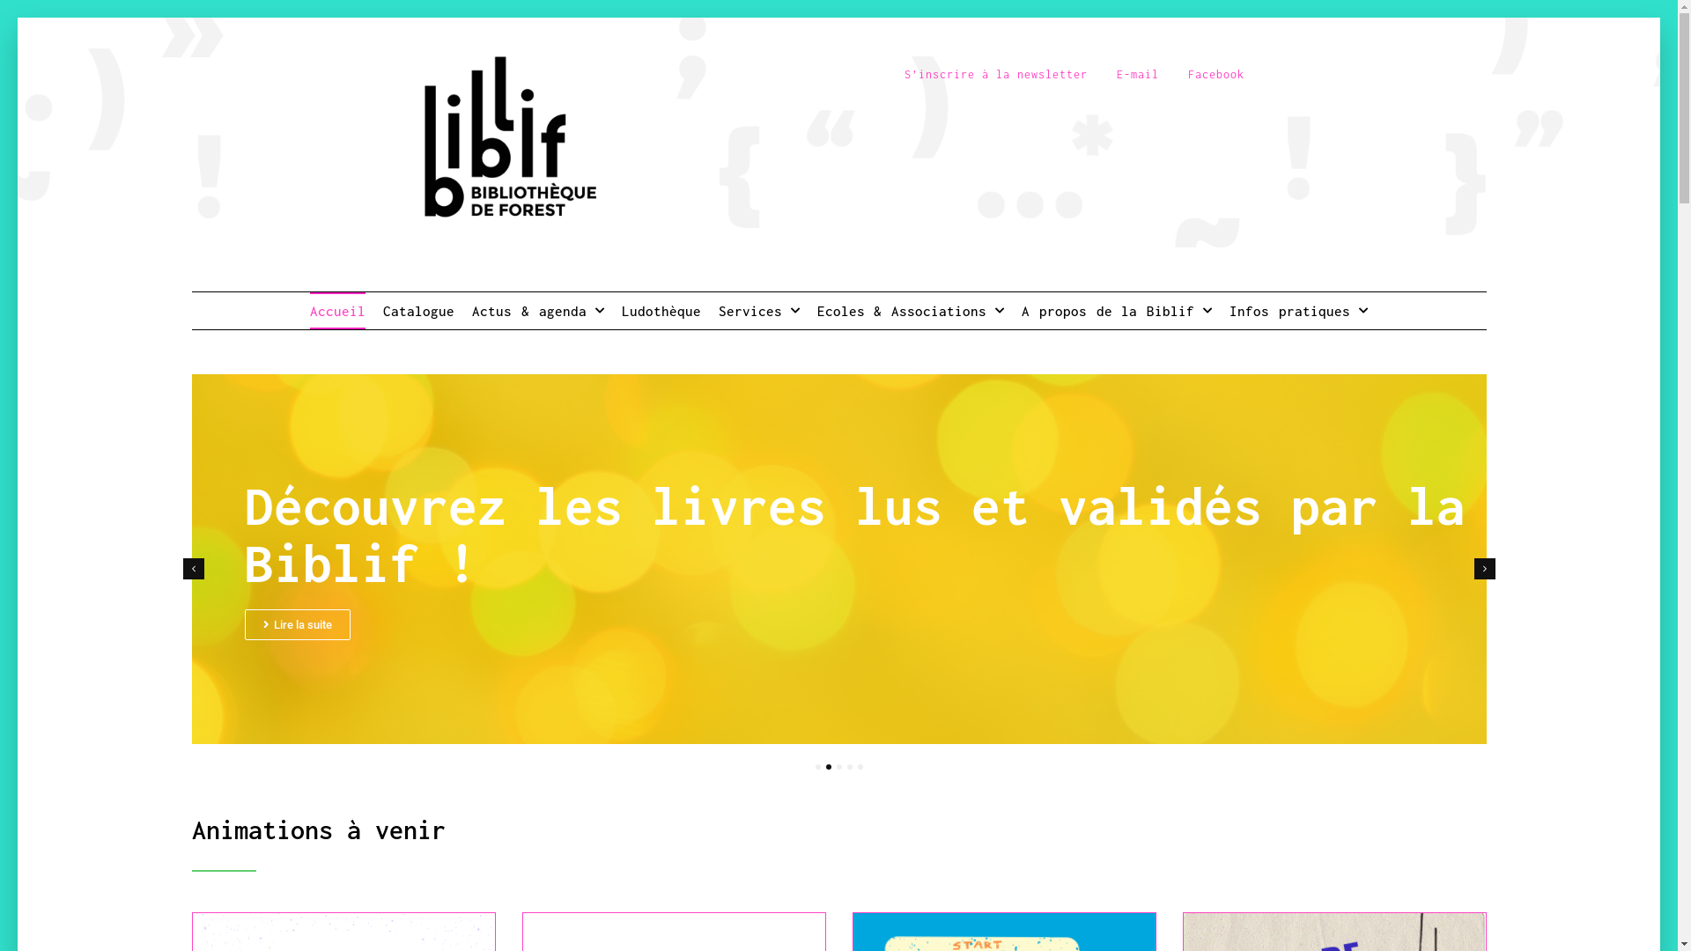 The image size is (1691, 951). Describe the element at coordinates (1215, 73) in the screenshot. I see `'Facebook'` at that location.